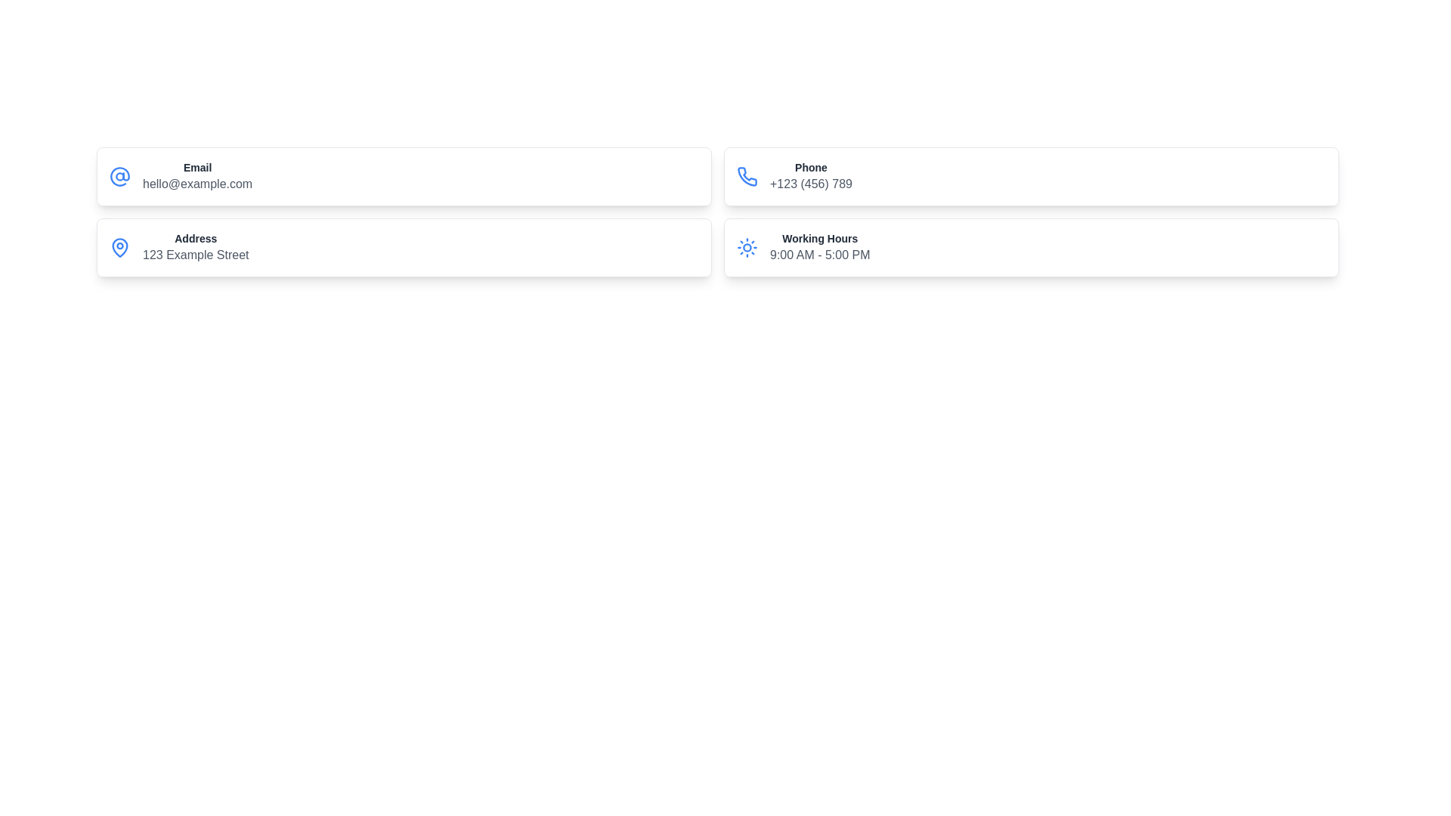 The height and width of the screenshot is (816, 1451). What do you see at coordinates (819, 238) in the screenshot?
I see `the static text label displaying 'Working Hours' in bold dark gray font, located on the right side of the interface above '9:00 AM - 5:00 PM'` at bounding box center [819, 238].